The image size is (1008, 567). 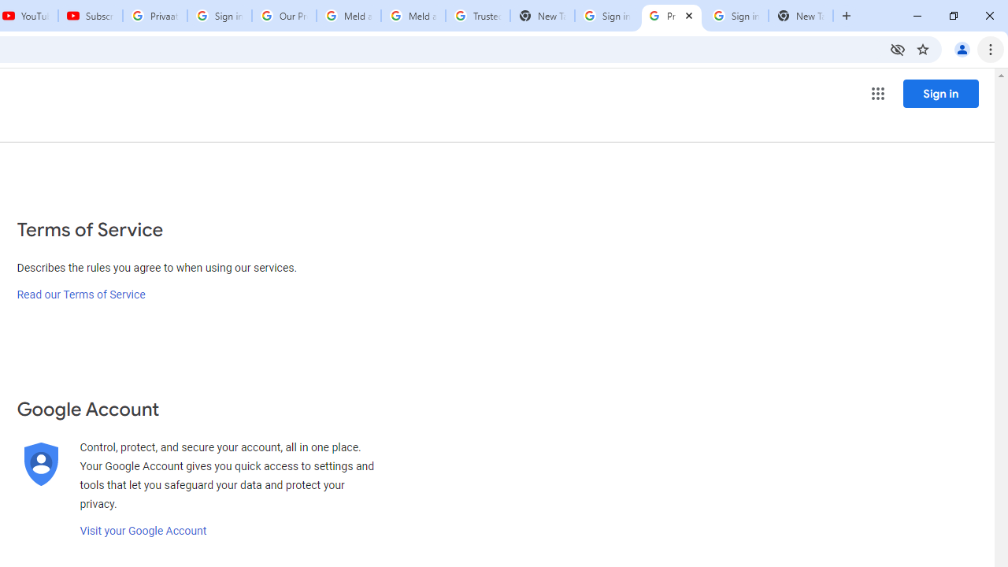 What do you see at coordinates (897, 48) in the screenshot?
I see `'Third-party cookies blocked'` at bounding box center [897, 48].